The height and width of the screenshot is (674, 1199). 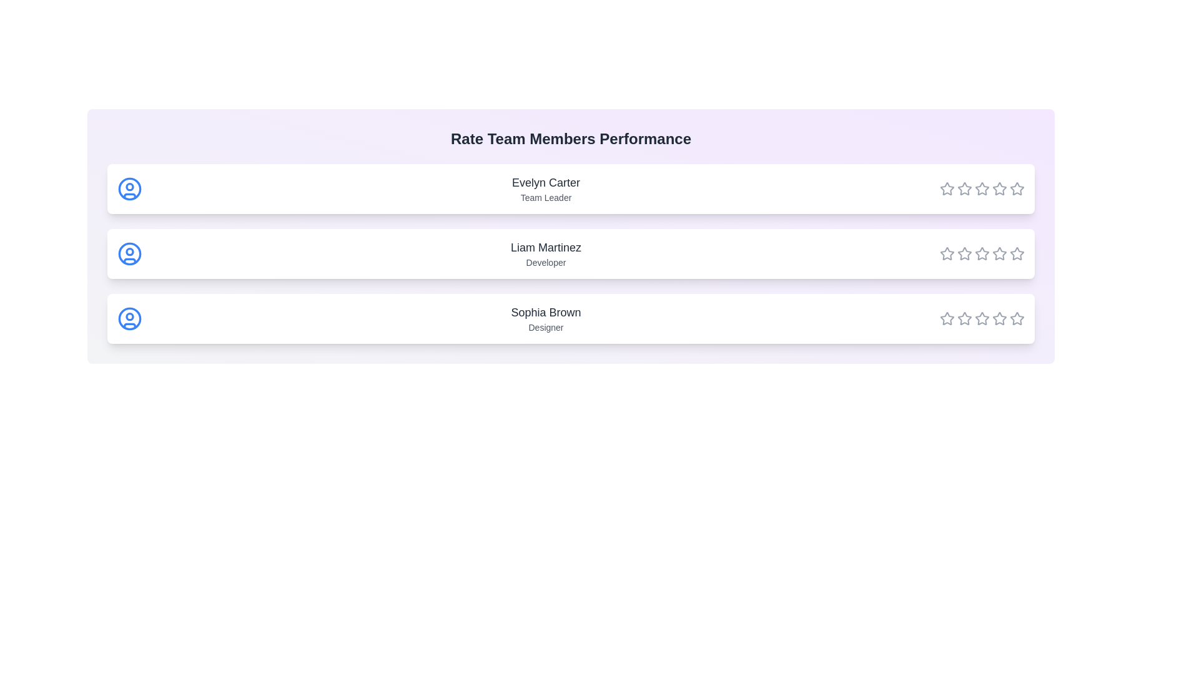 I want to click on the name of the team member Liam Martinez to select or highlight it, so click(x=546, y=248).